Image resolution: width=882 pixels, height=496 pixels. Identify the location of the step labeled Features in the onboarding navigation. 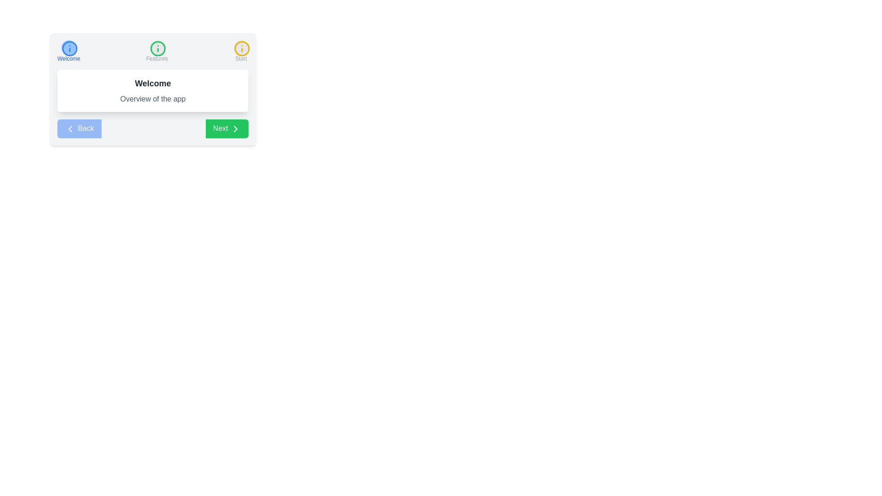
(157, 51).